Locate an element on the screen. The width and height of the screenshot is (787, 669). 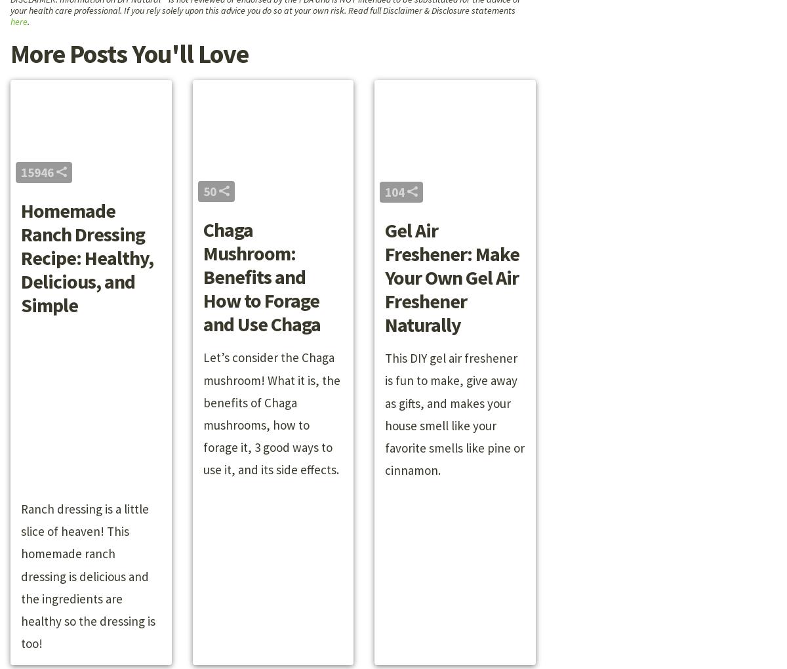
'Gel Air Freshener: Make Your Own Gel Air Freshener Naturally' is located at coordinates (384, 277).